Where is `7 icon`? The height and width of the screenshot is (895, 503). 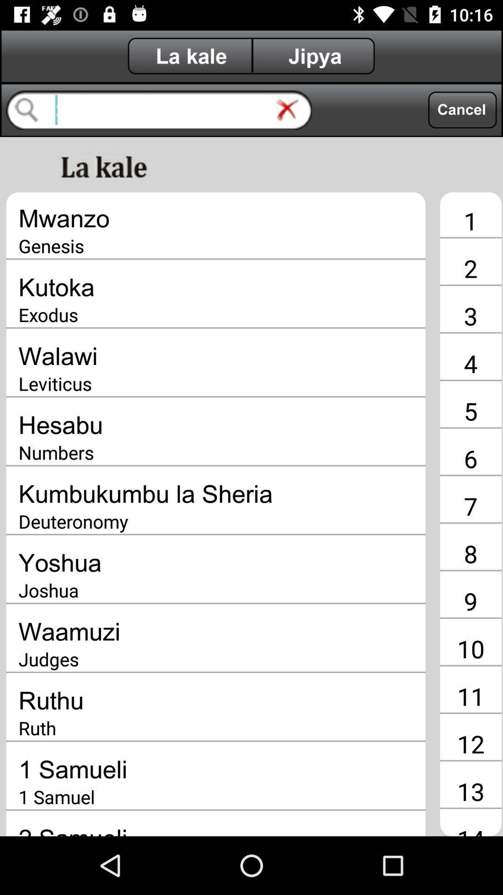 7 icon is located at coordinates (470, 505).